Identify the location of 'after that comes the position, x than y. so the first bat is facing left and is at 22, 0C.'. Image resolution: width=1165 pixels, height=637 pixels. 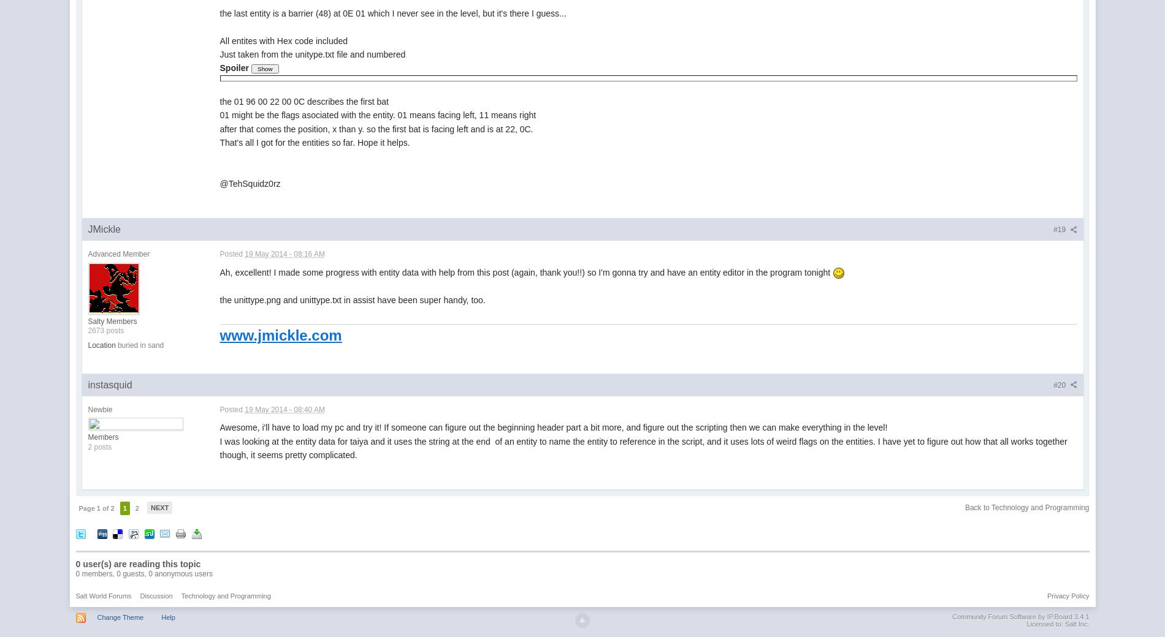
(376, 128).